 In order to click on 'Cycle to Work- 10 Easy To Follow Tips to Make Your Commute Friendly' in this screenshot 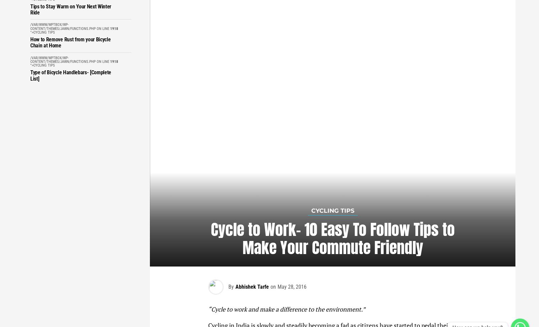, I will do `click(210, 238)`.